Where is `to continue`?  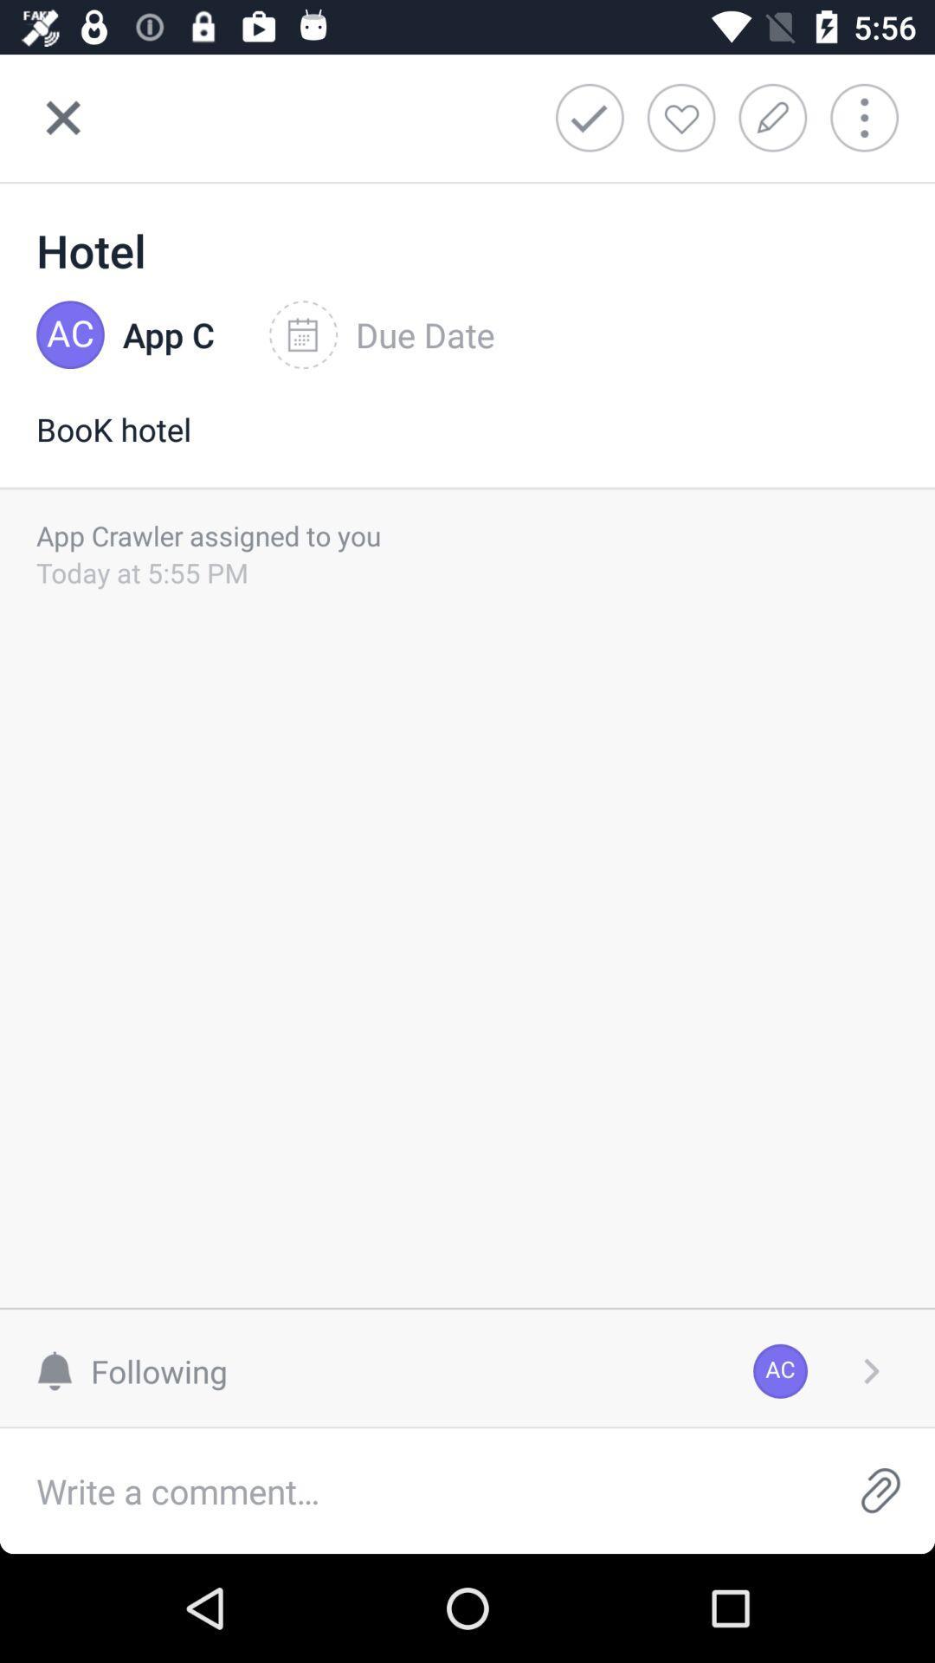 to continue is located at coordinates (871, 1370).